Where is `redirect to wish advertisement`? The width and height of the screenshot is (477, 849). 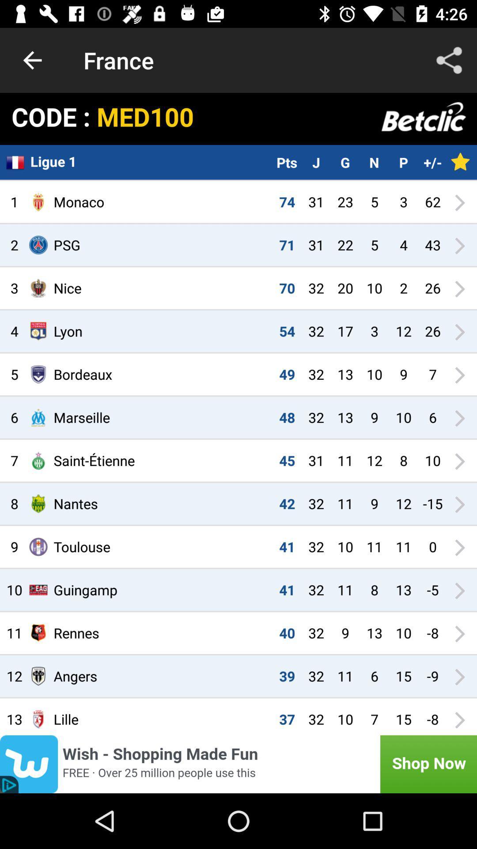 redirect to wish advertisement is located at coordinates (238, 764).